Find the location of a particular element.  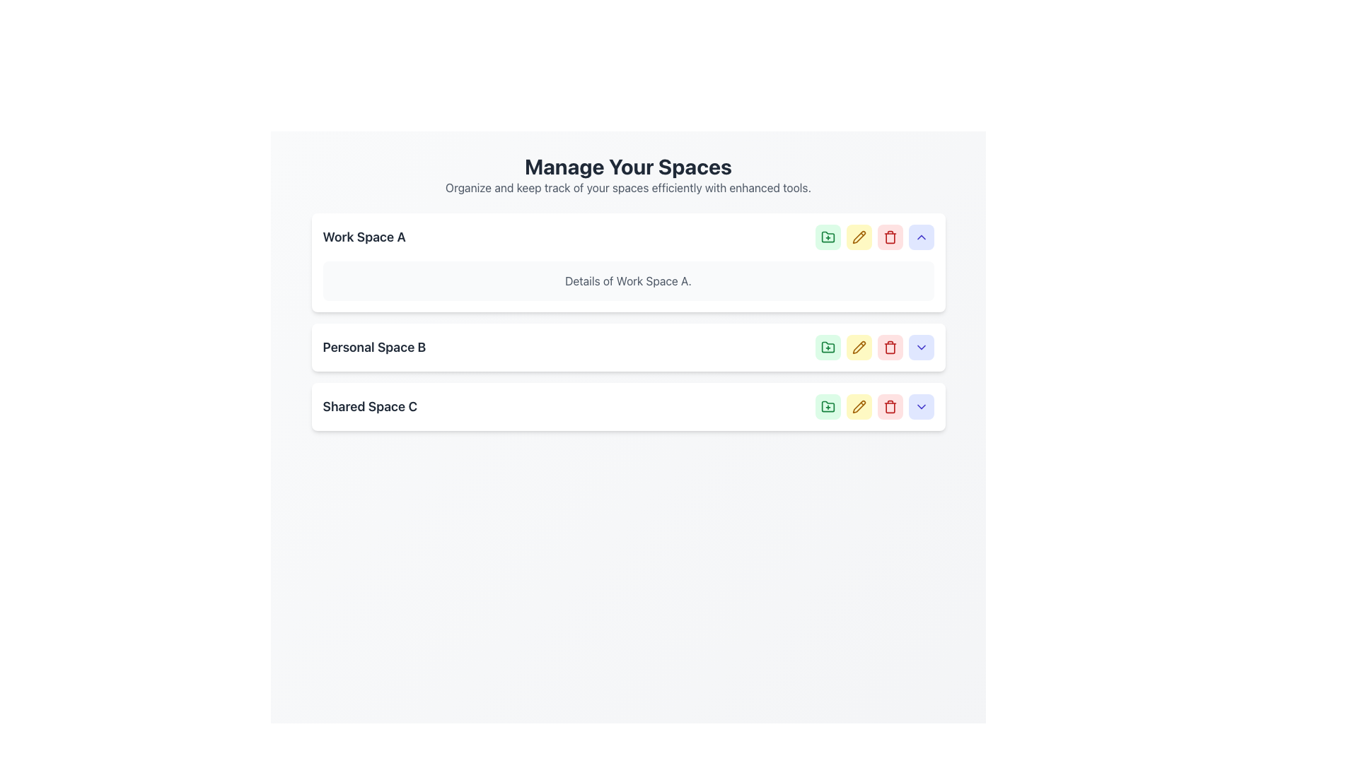

the pencil icon located on the right side of the 'Work Space A' section header is located at coordinates (858, 348).